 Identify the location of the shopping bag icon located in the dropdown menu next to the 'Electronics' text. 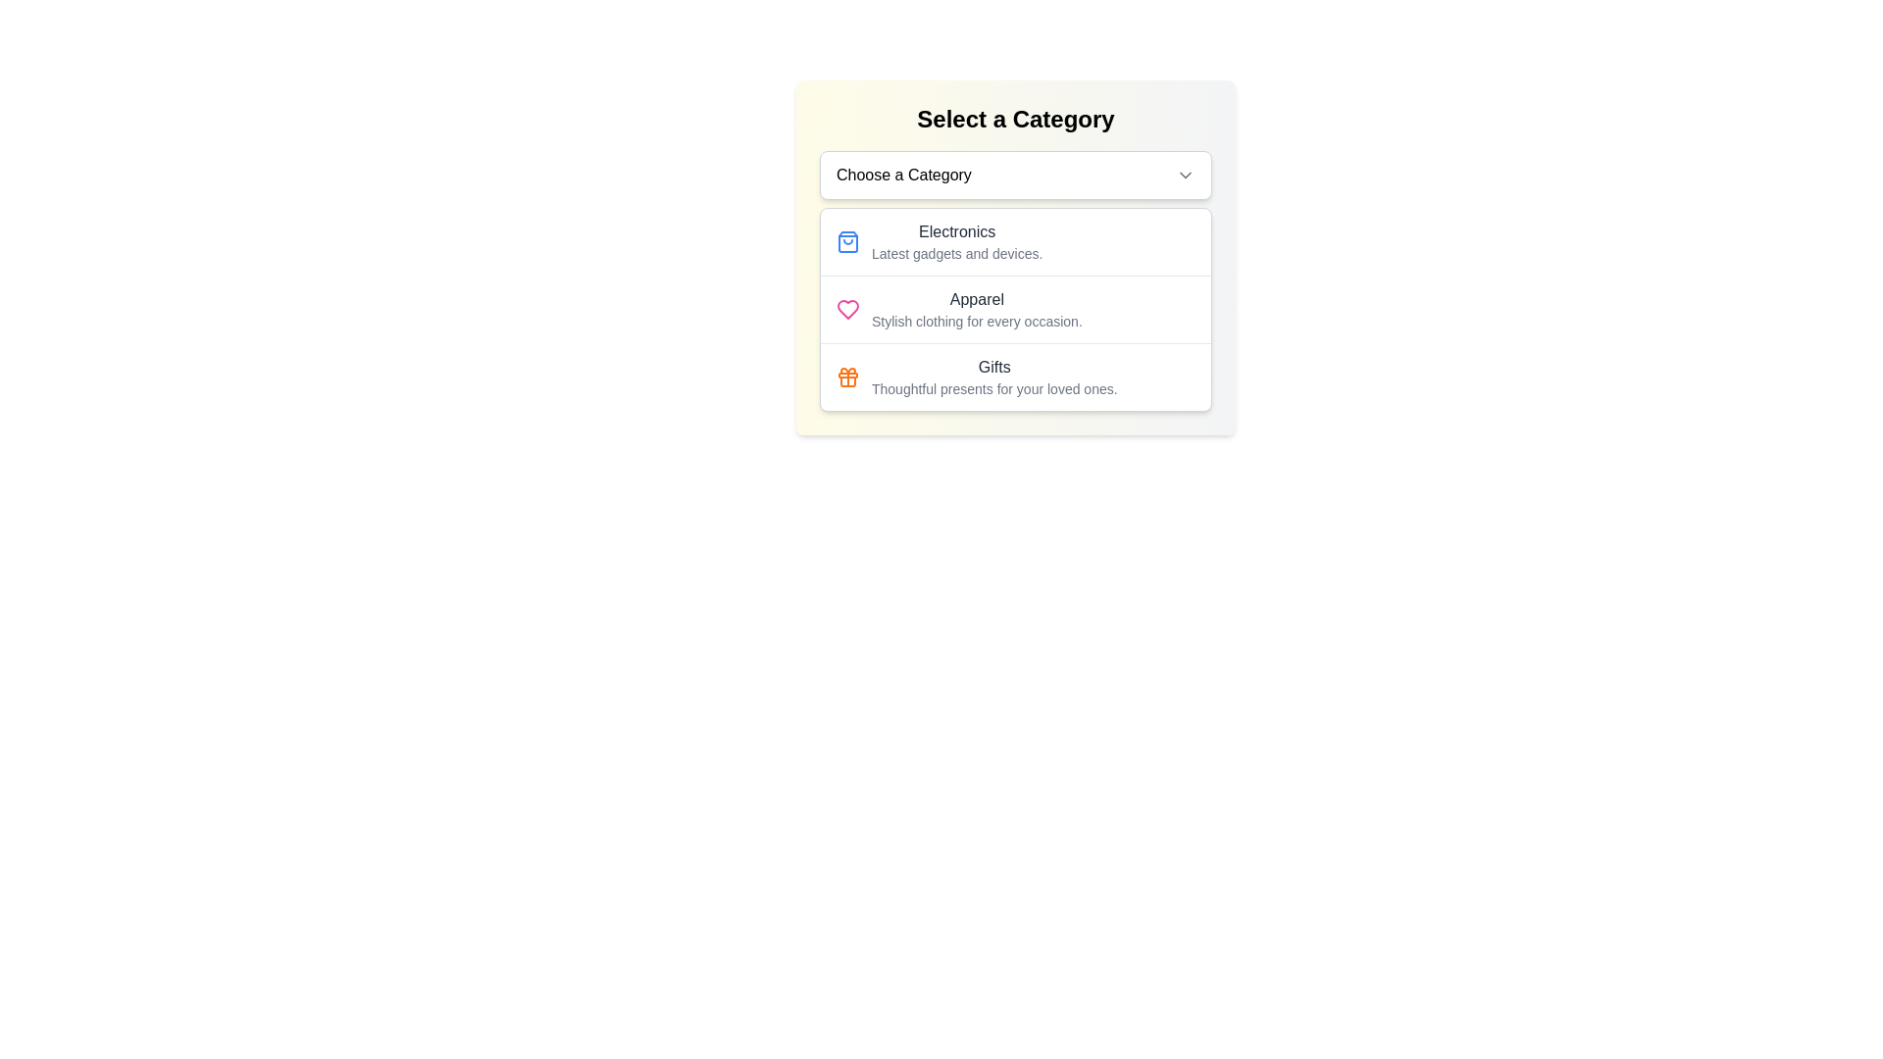
(847, 240).